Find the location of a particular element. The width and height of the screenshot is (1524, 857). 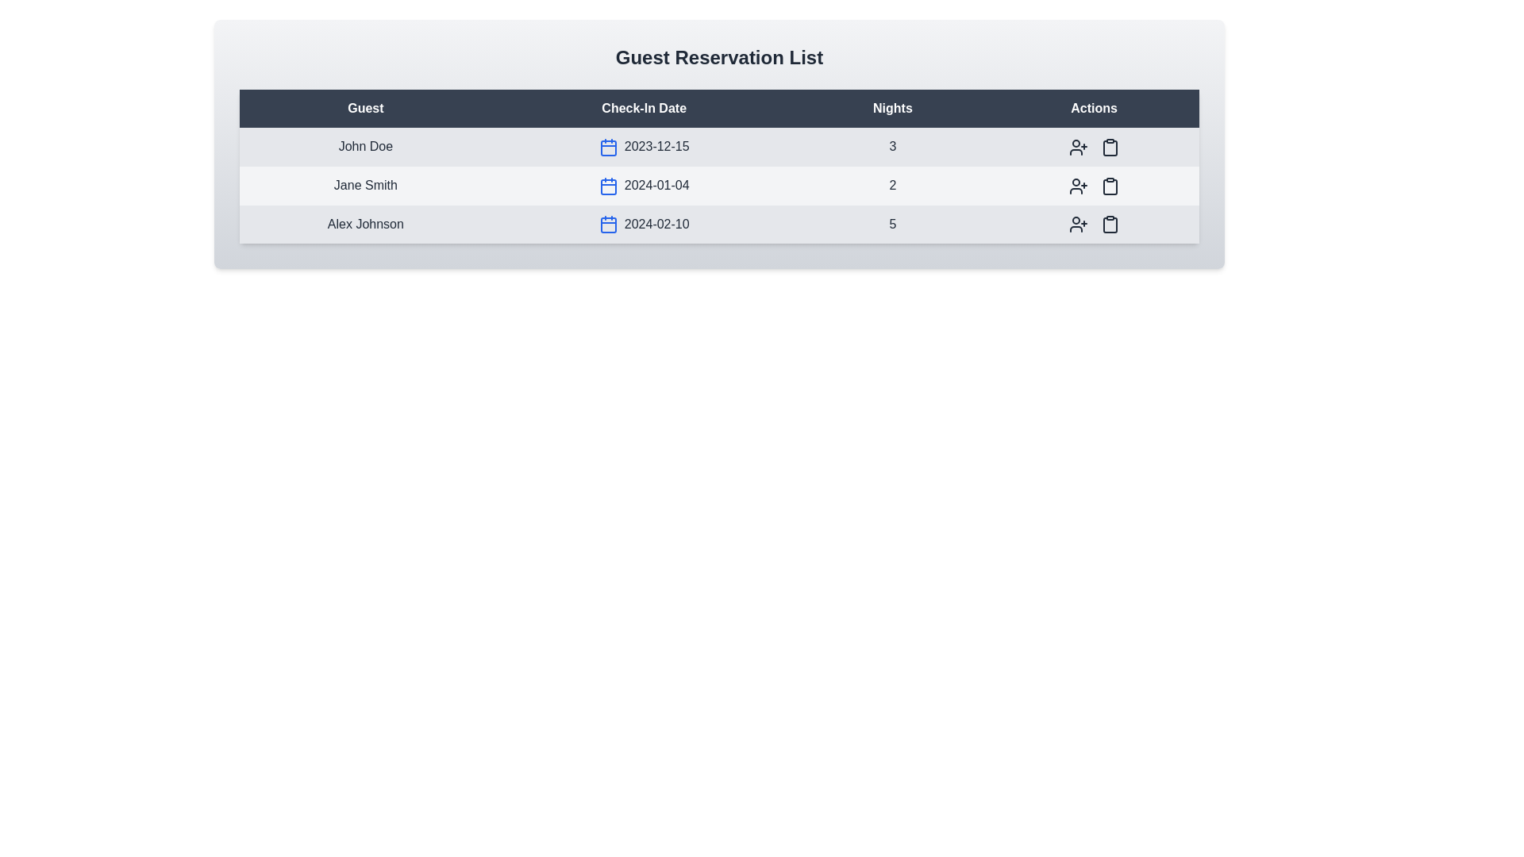

calendar date '2024-01-04' in the second row of the table by clicking on it is located at coordinates (718, 185).